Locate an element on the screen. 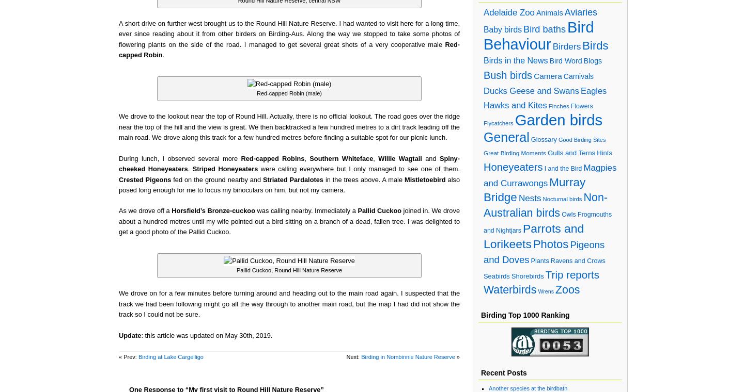  'Birding at Lake Cargelligo' is located at coordinates (171, 356).